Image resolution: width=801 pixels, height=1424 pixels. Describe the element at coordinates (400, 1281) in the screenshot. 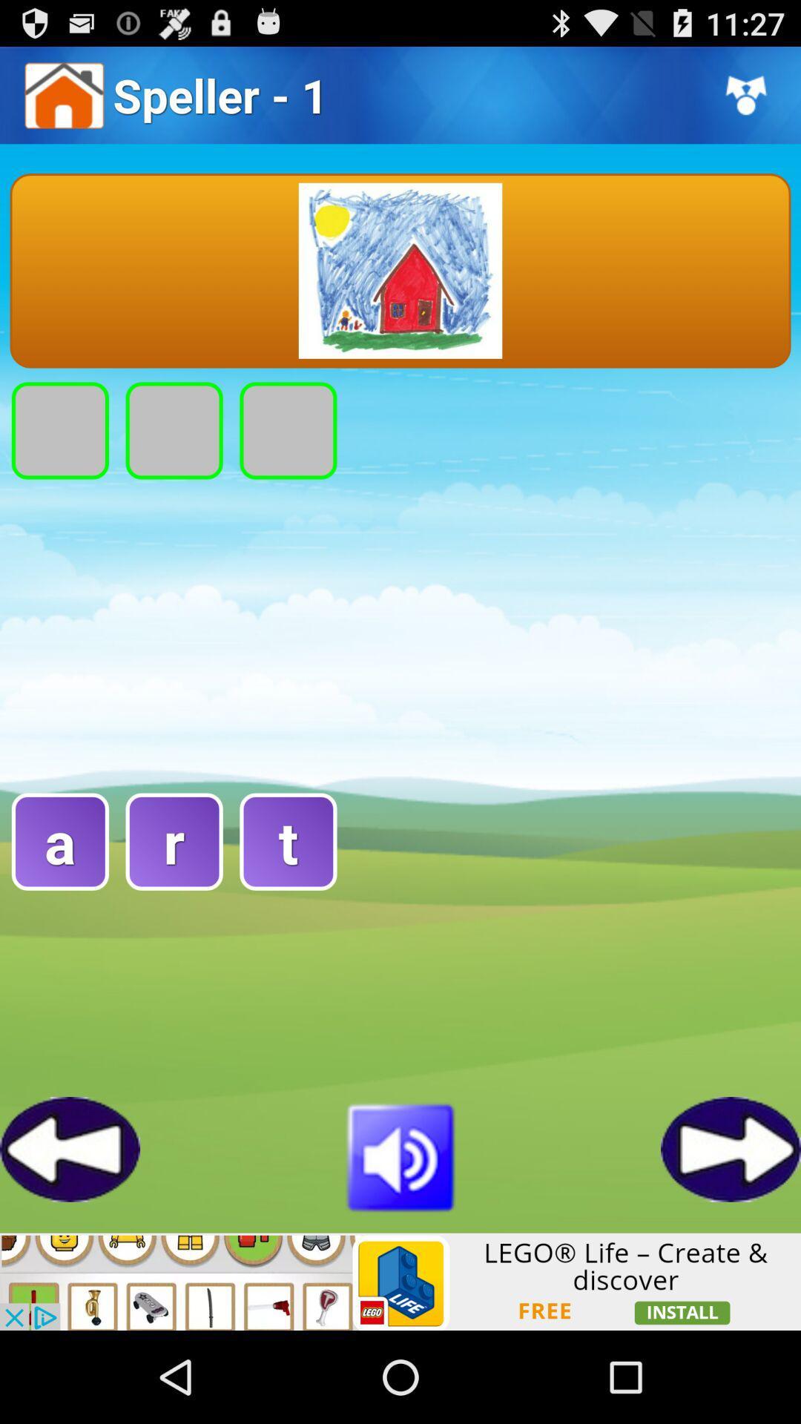

I see `advertisement` at that location.